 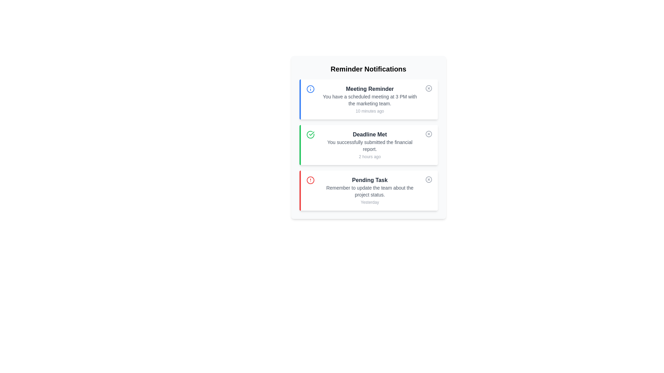 What do you see at coordinates (369, 100) in the screenshot?
I see `details of the upcoming meeting from the second line of text in the 'Meeting Reminder' notification card, which is located horizontally centered below the title and above the timestamp` at bounding box center [369, 100].